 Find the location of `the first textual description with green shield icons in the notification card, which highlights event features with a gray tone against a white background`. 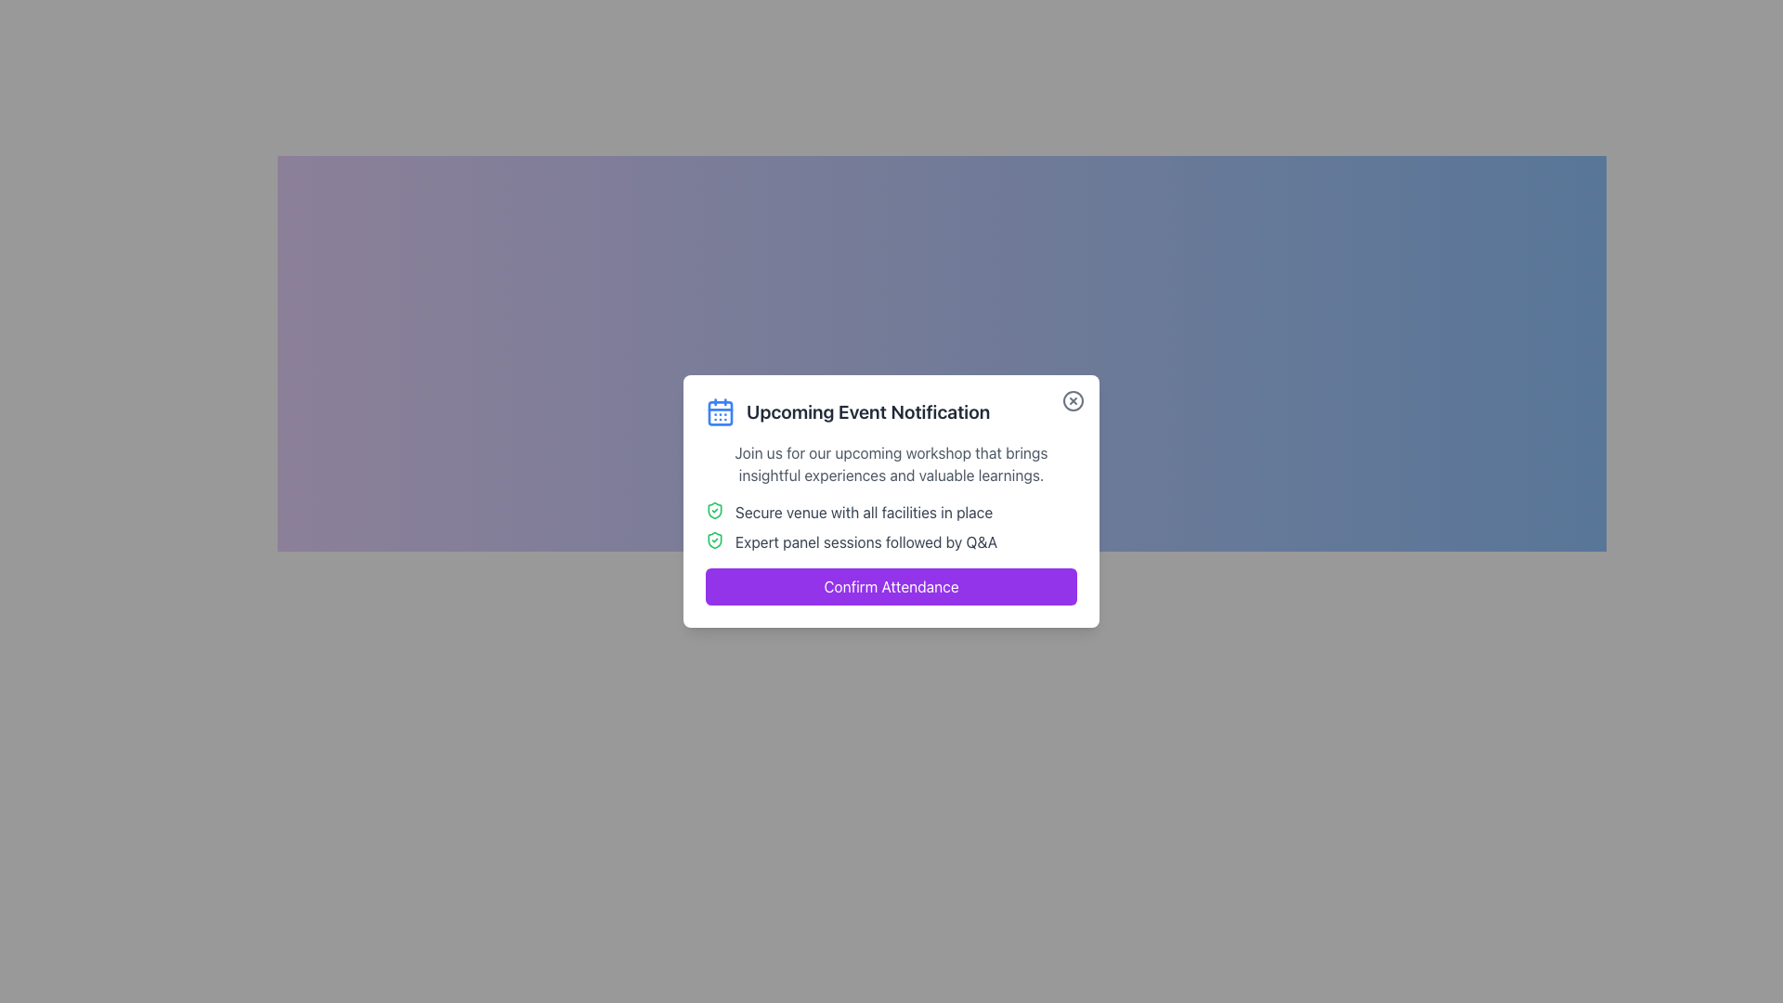

the first textual description with green shield icons in the notification card, which highlights event features with a gray tone against a white background is located at coordinates (891, 527).